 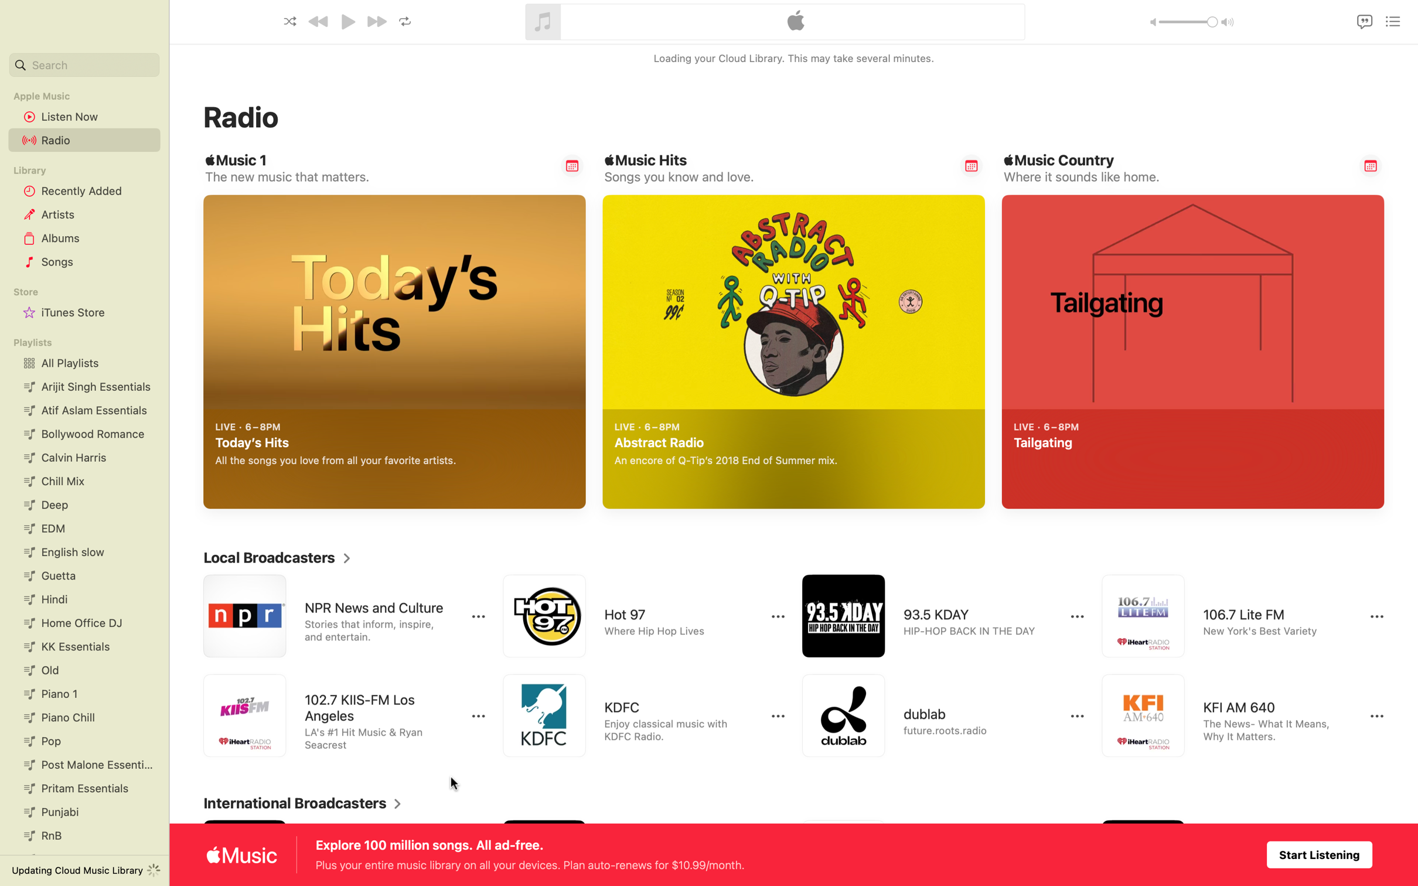 I want to click on Click to view more options for KDFC radio, so click(x=778, y=717).